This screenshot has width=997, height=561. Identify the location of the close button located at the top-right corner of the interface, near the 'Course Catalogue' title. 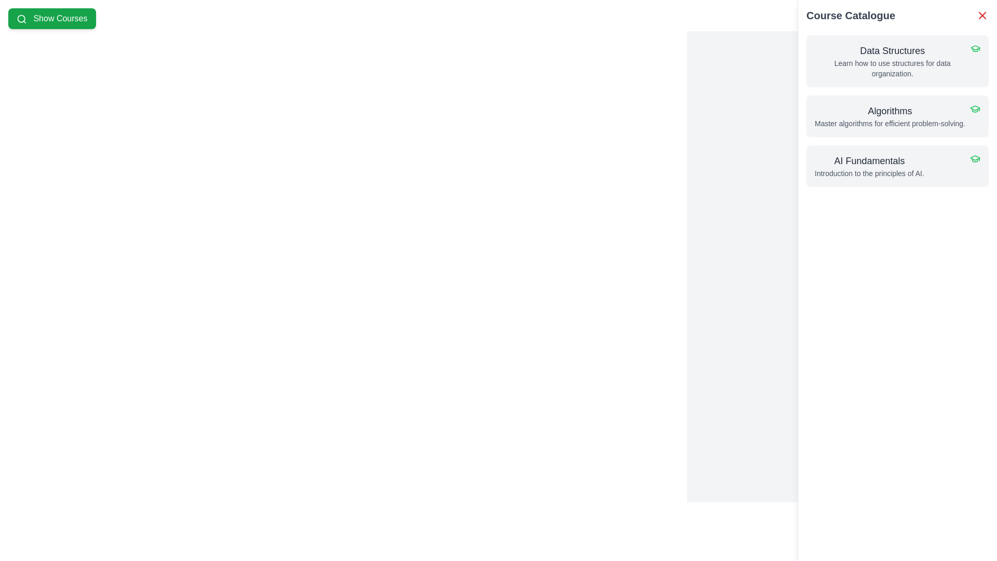
(981, 16).